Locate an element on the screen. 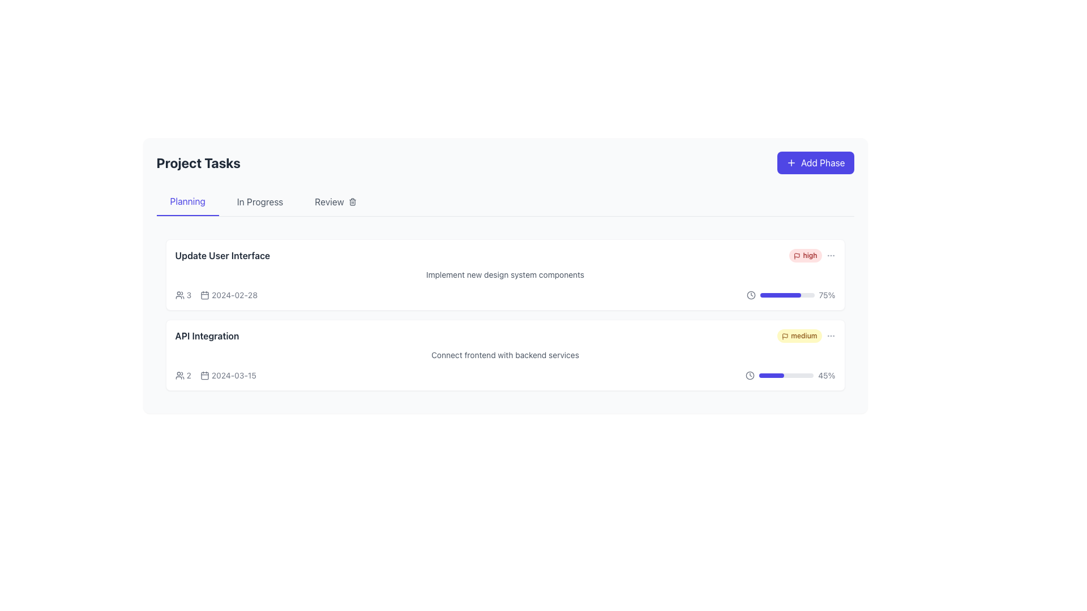 Image resolution: width=1087 pixels, height=611 pixels. the Text label indicating a specific date for the task 'Update User Interface' in the task list is located at coordinates (234, 294).